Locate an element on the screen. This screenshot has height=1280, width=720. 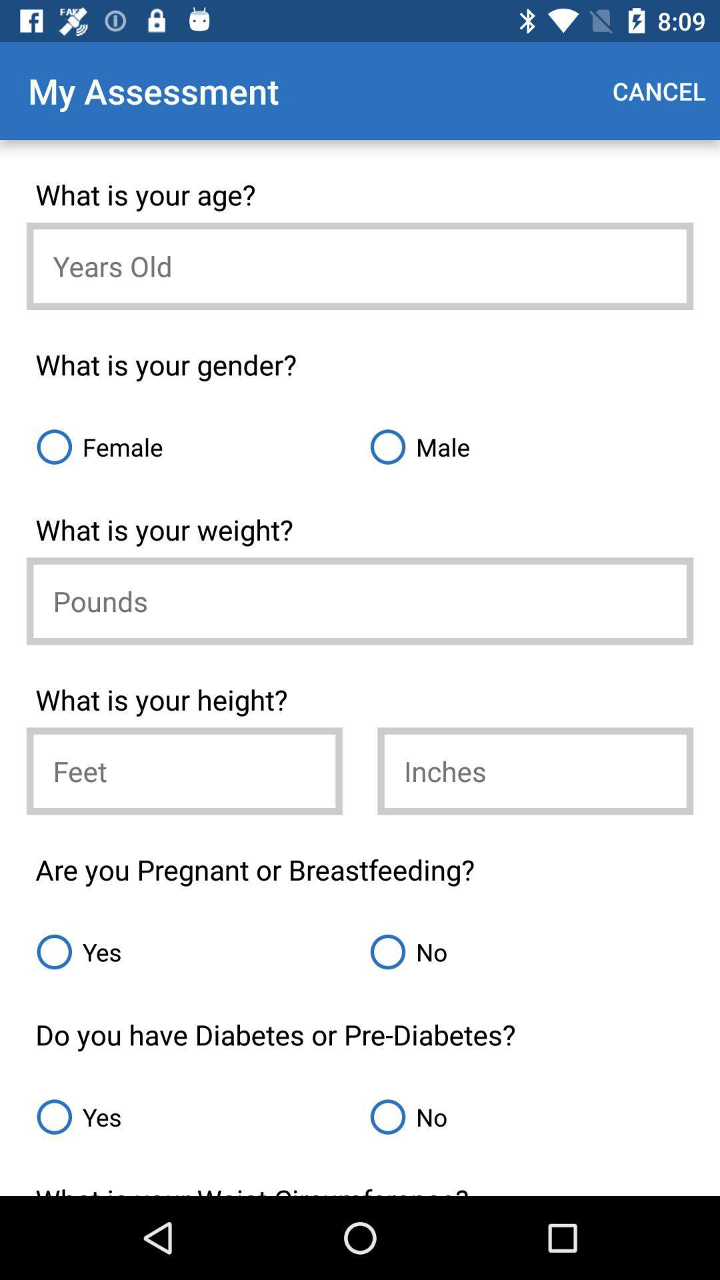
your height feet only inches in next field is located at coordinates (184, 771).